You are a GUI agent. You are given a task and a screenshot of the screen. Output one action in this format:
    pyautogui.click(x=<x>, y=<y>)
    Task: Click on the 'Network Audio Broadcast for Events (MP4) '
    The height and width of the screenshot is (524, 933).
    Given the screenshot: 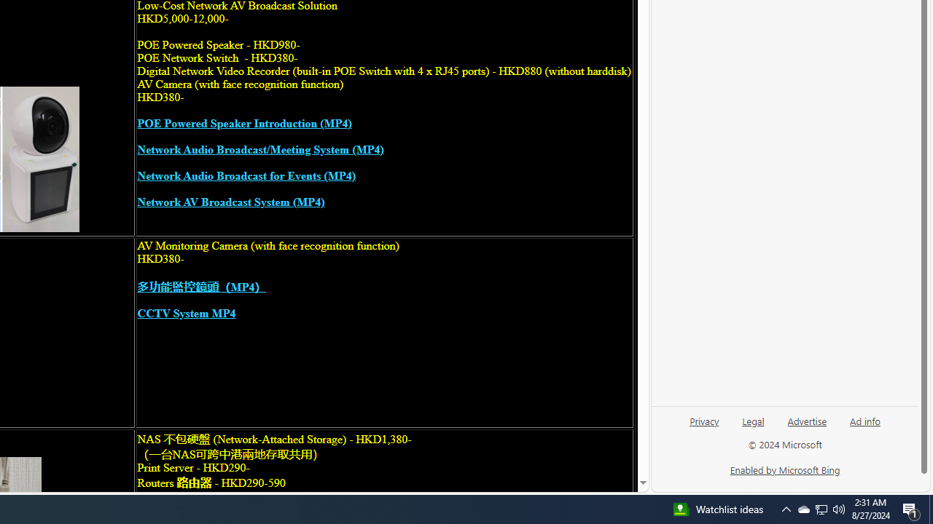 What is the action you would take?
    pyautogui.click(x=246, y=175)
    